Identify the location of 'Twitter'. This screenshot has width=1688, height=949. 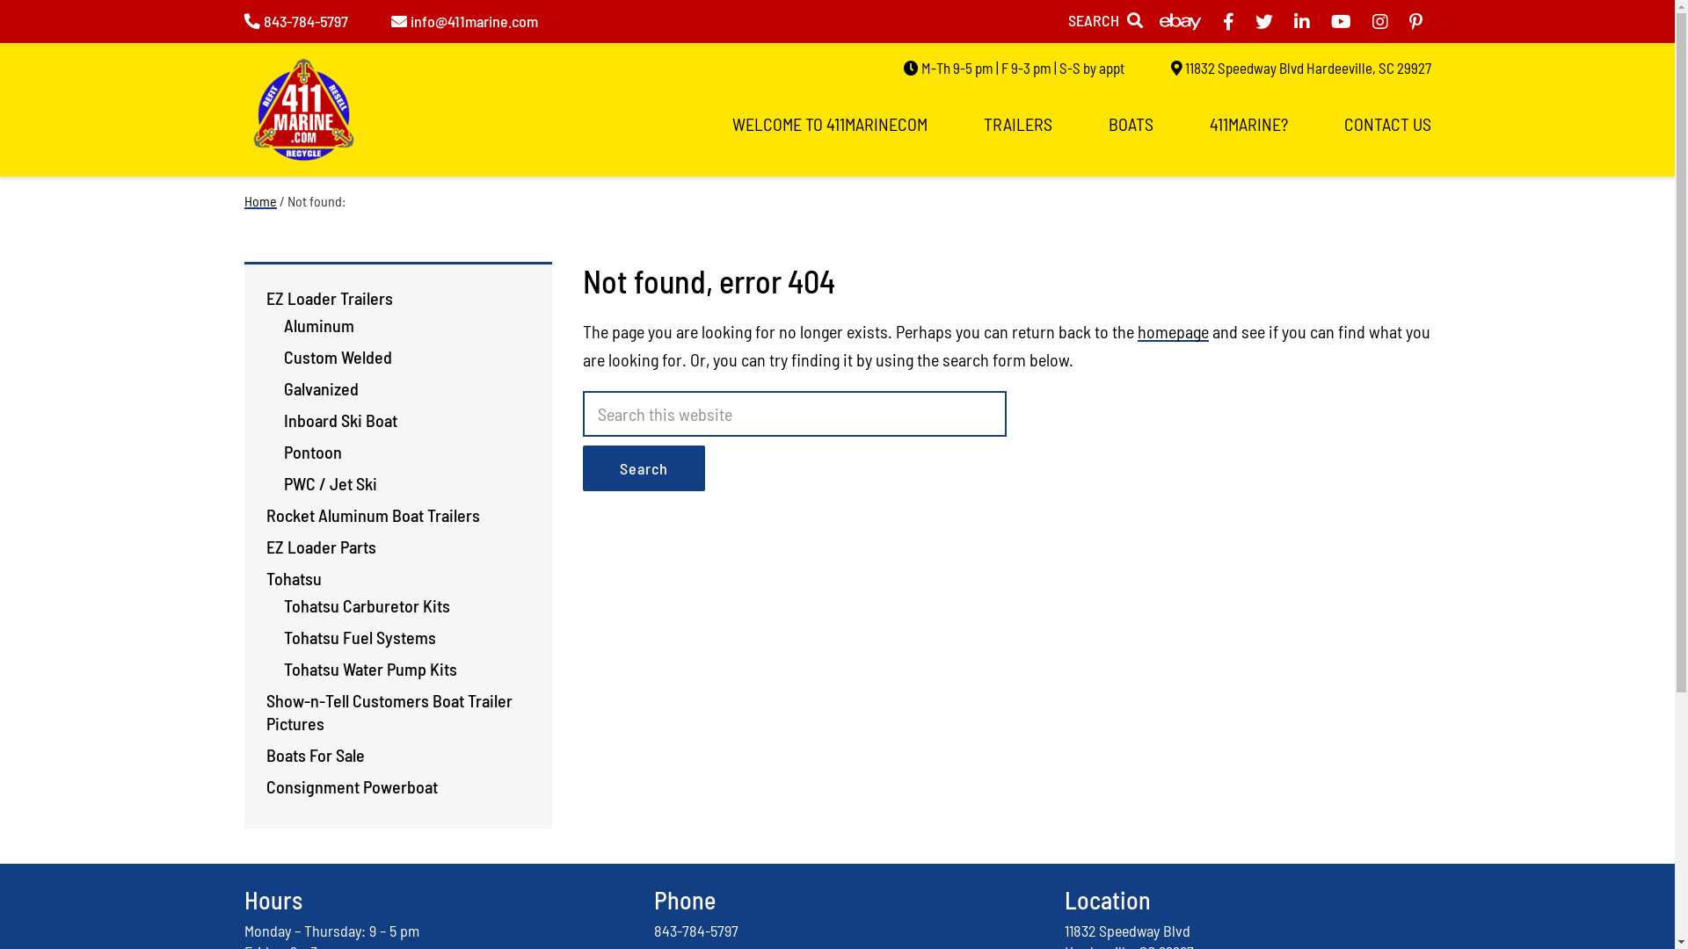
(1263, 21).